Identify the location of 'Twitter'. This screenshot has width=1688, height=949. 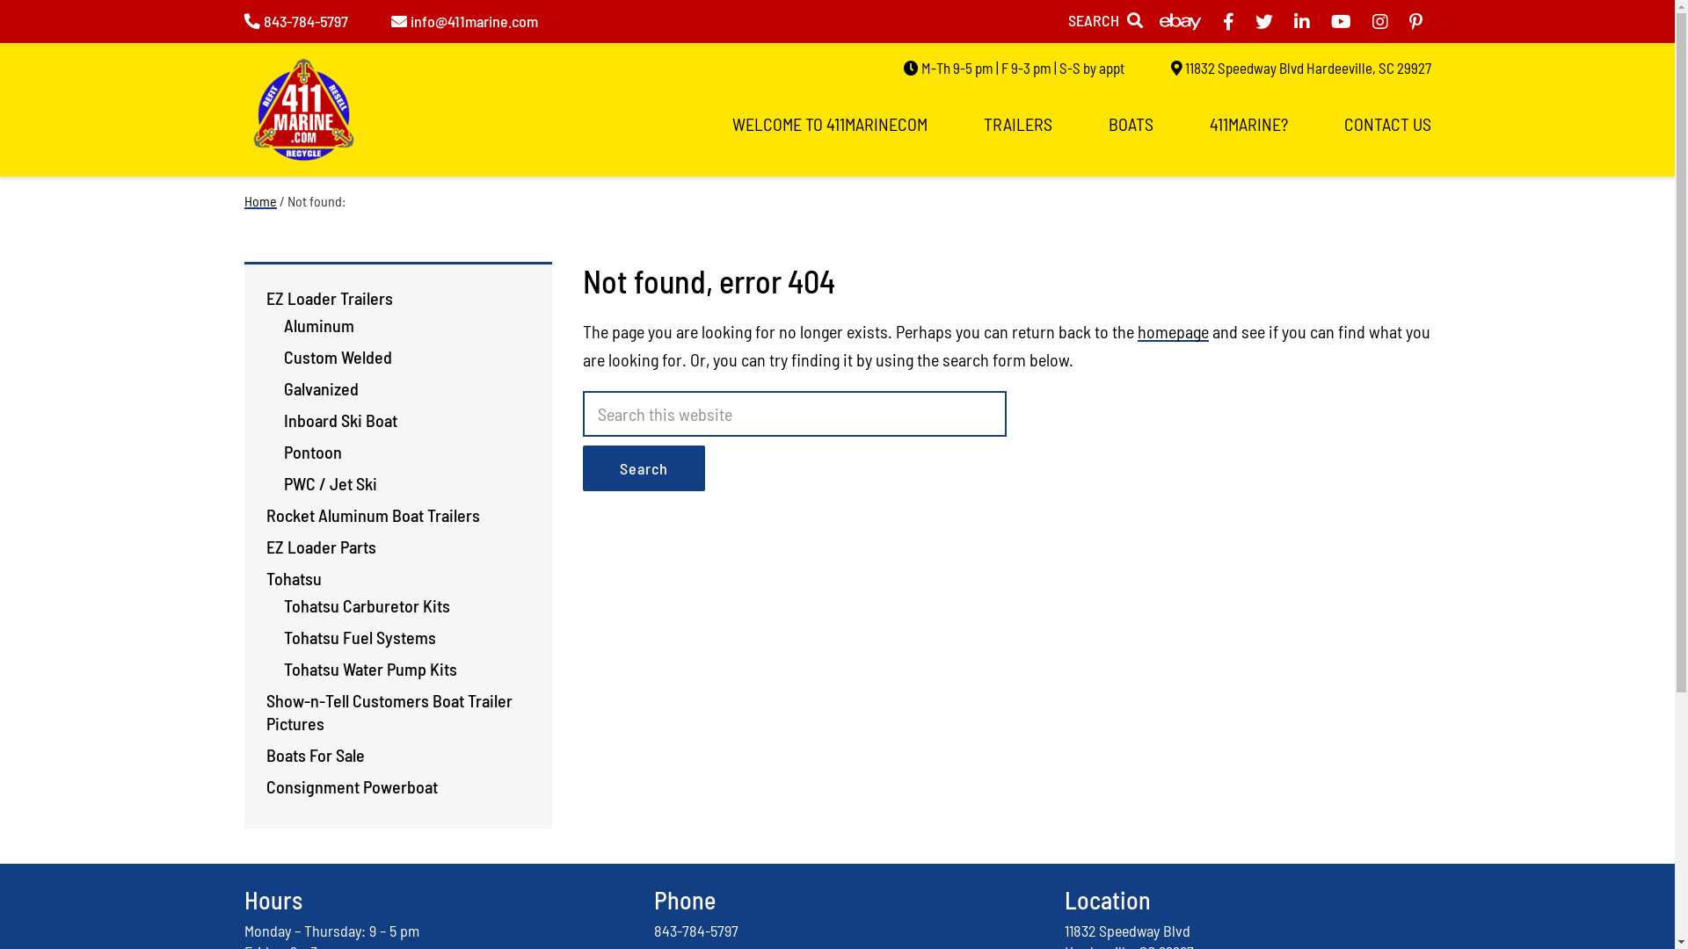
(1263, 21).